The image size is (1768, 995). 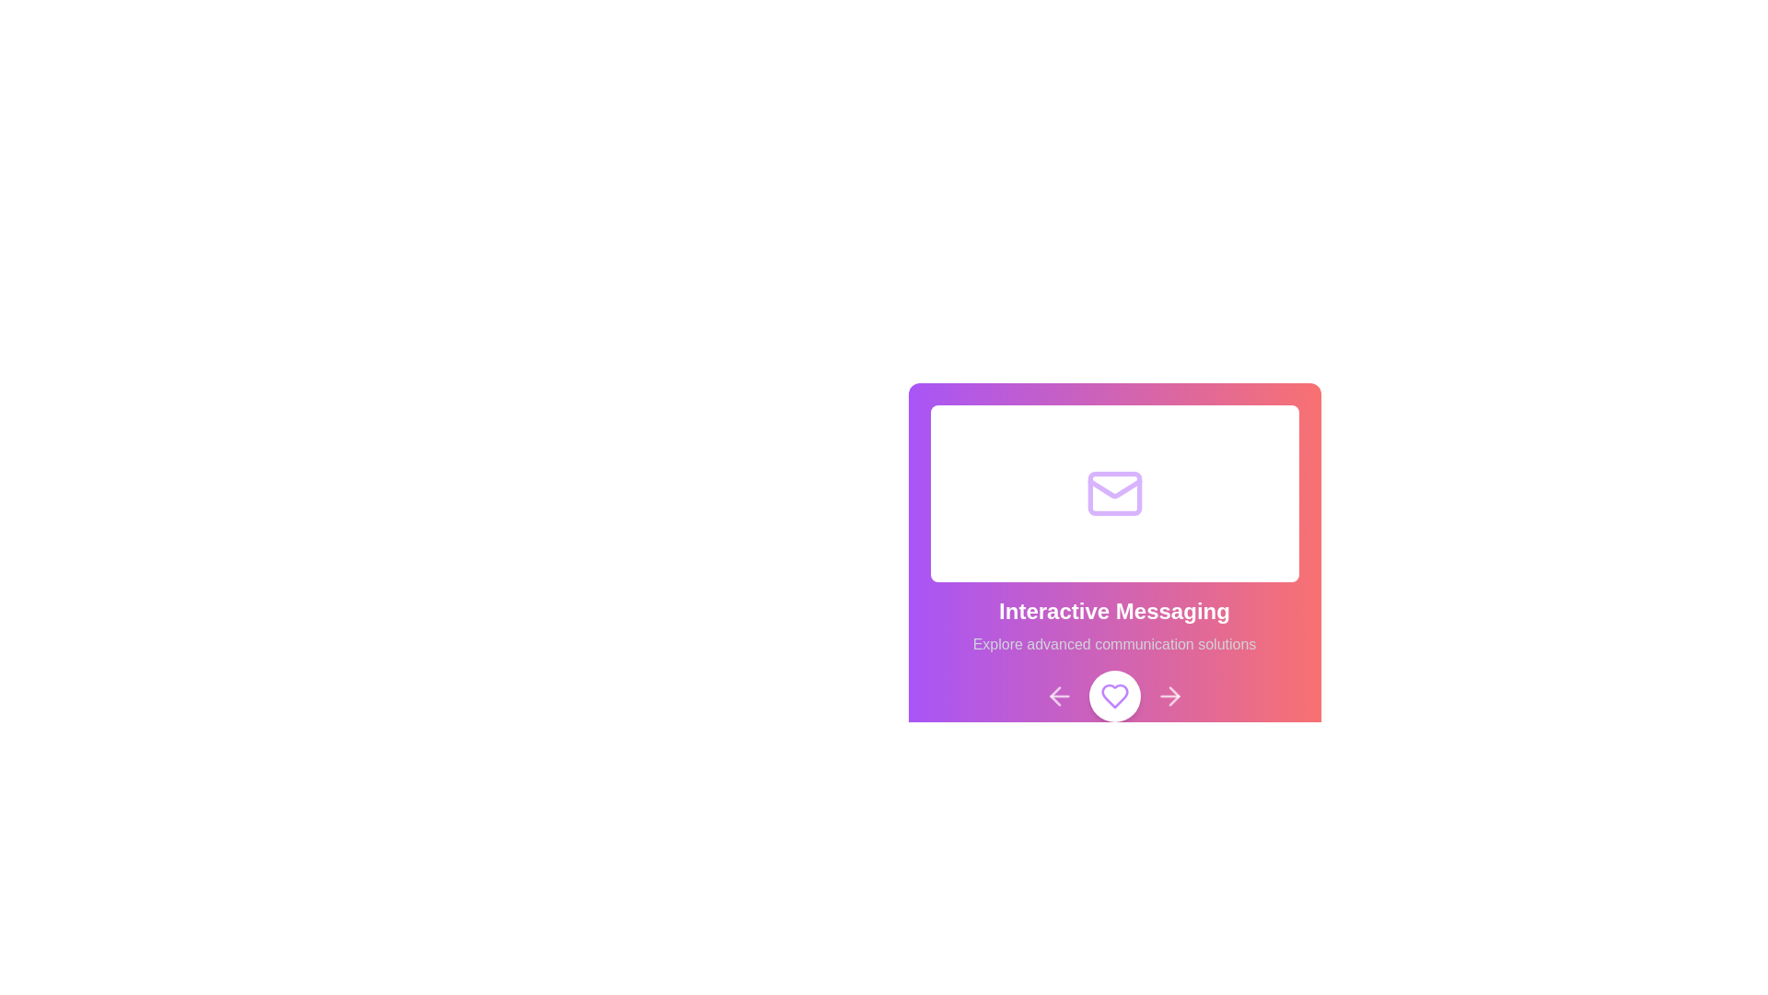 I want to click on the circular button featuring a white background and a heart icon styled in purple, so click(x=1113, y=696).